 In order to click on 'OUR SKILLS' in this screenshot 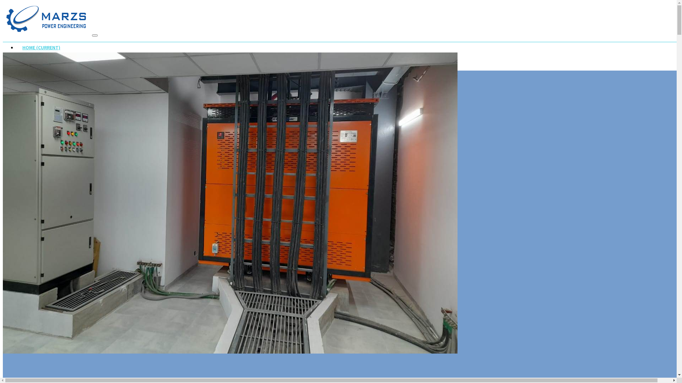, I will do `click(17, 61)`.